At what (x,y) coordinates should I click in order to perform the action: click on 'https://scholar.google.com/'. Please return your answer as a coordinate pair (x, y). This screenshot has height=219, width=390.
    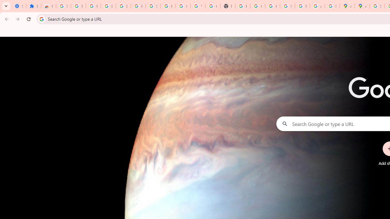
    Looking at the image, I should click on (242, 6).